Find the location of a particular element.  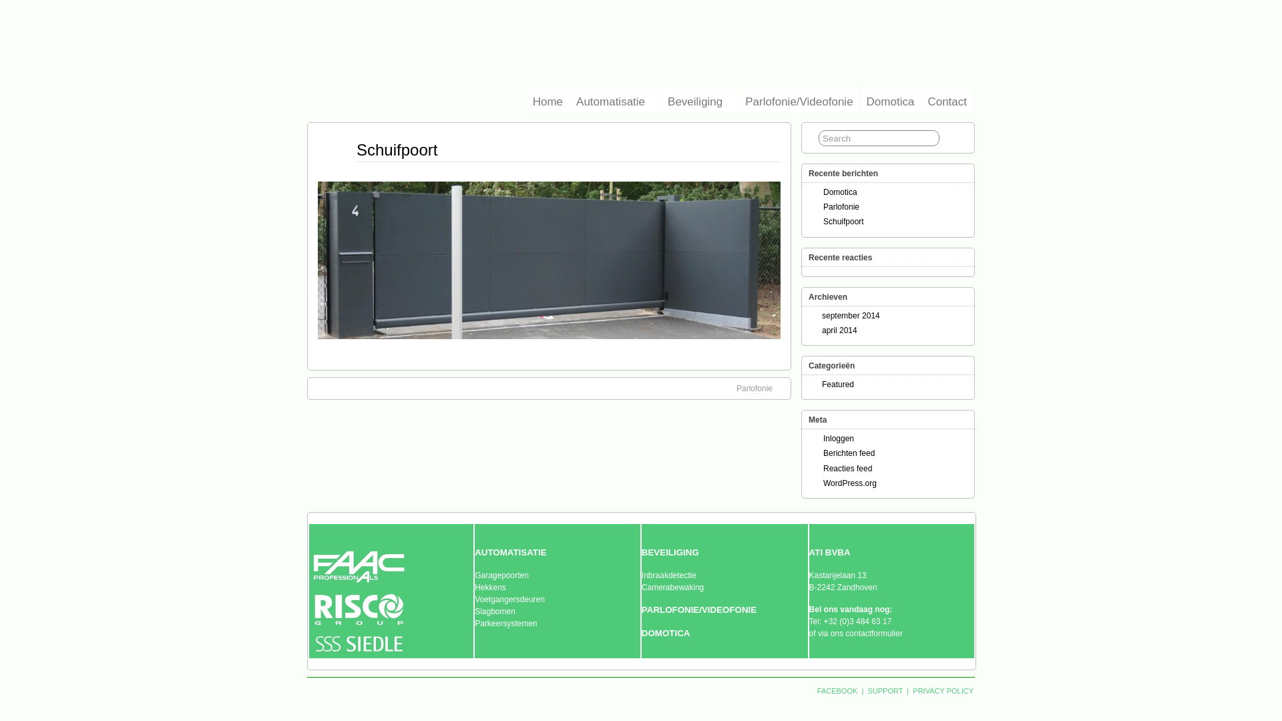

' Beveiliging' is located at coordinates (662, 100).